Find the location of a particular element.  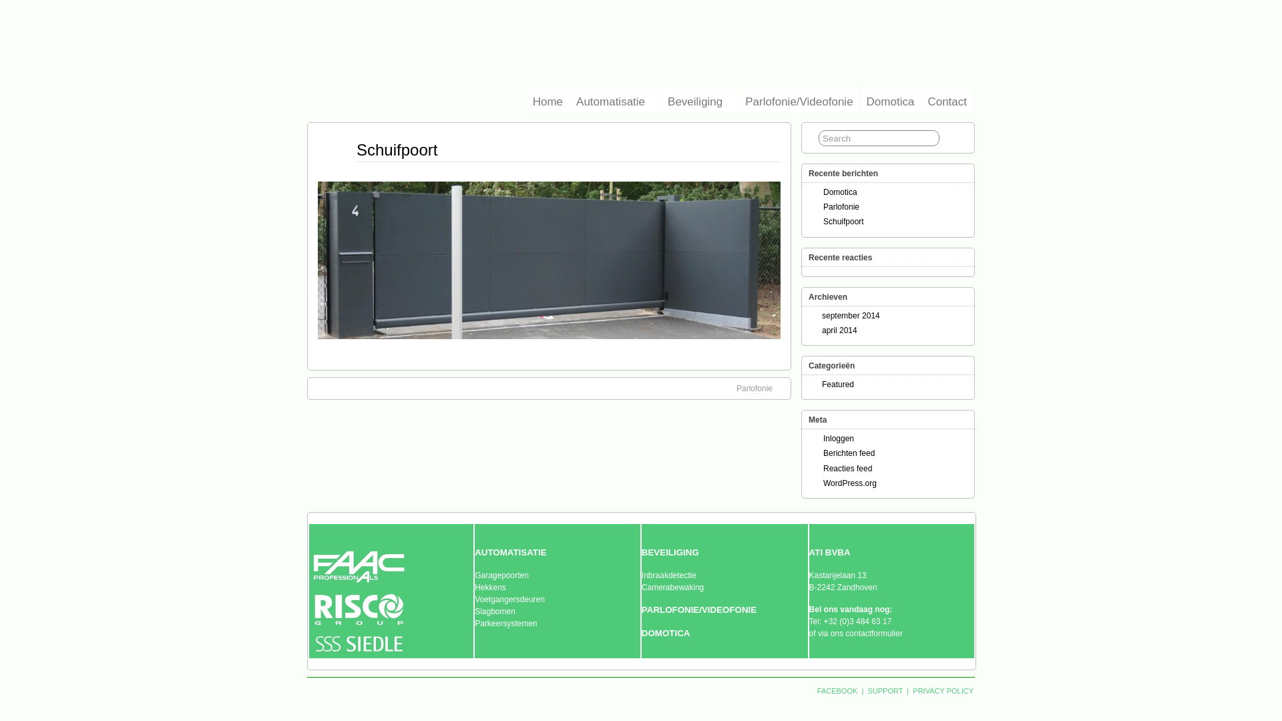

' Beveiliging' is located at coordinates (662, 100).